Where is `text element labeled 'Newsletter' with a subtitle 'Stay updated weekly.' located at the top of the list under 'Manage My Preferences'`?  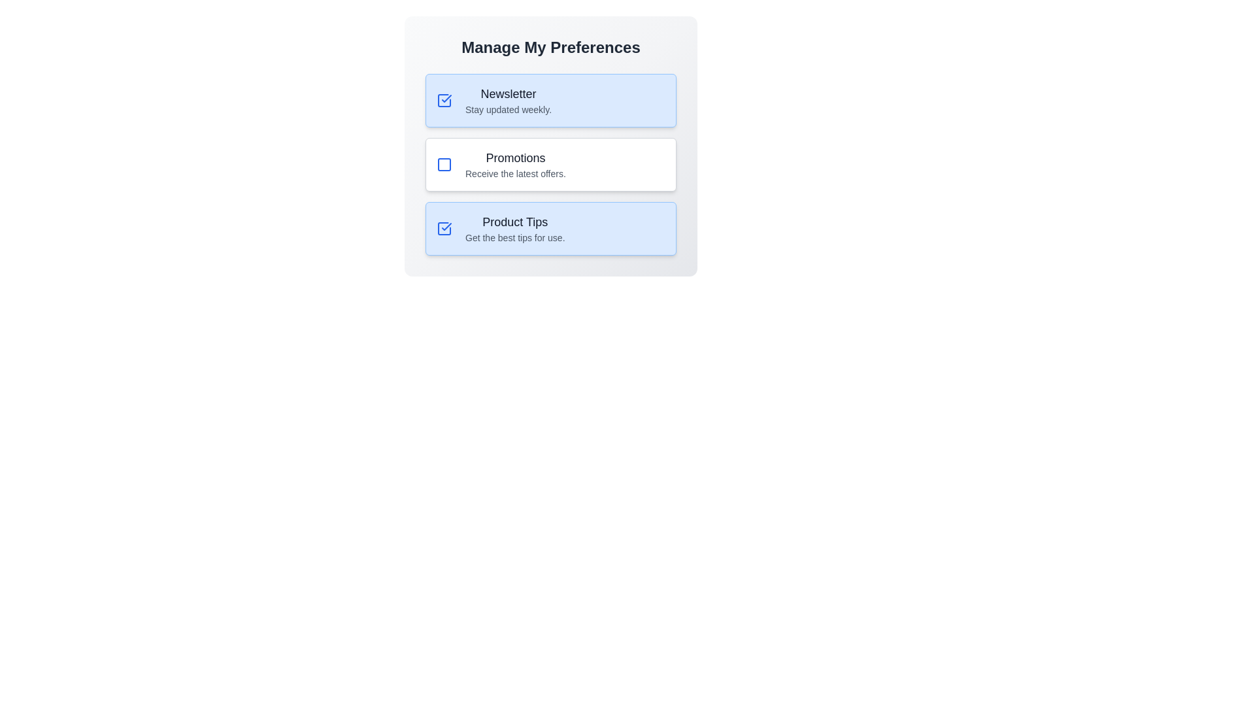
text element labeled 'Newsletter' with a subtitle 'Stay updated weekly.' located at the top of the list under 'Manage My Preferences' is located at coordinates (507, 100).